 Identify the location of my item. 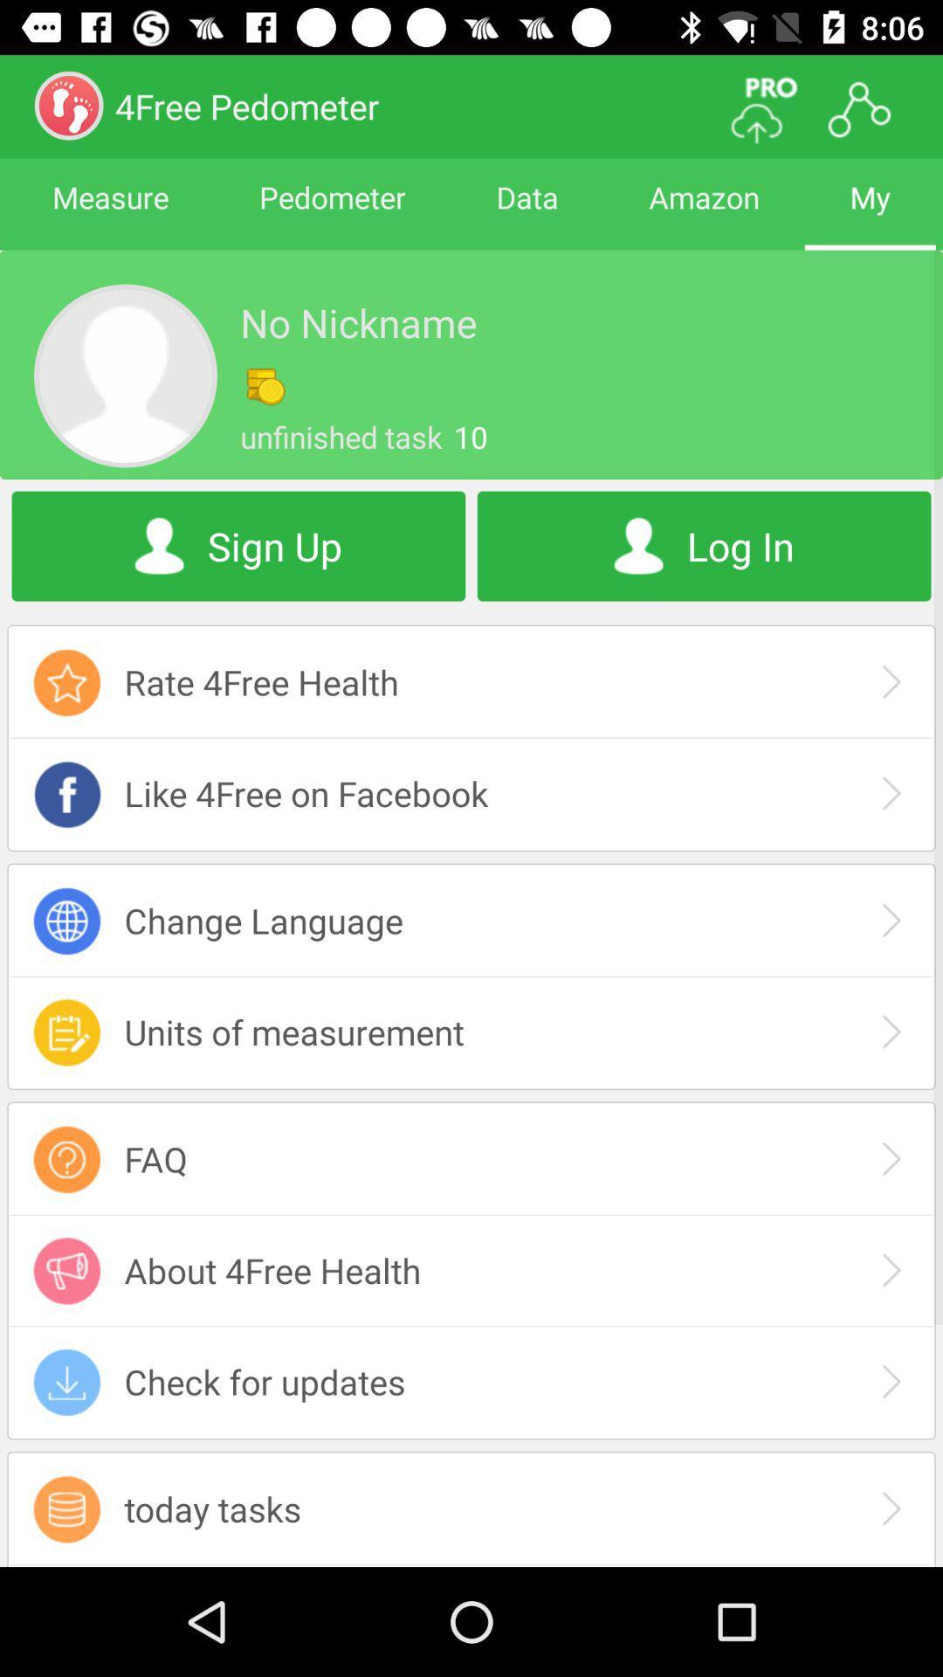
(870, 212).